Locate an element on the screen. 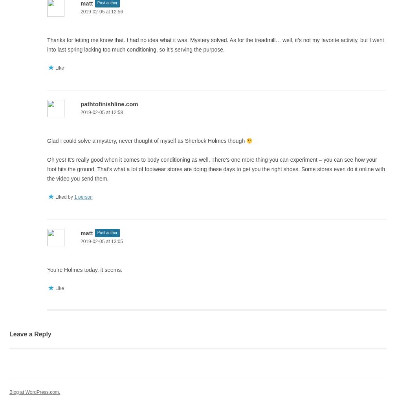  '2019-02-05 at 12:56' is located at coordinates (101, 11).